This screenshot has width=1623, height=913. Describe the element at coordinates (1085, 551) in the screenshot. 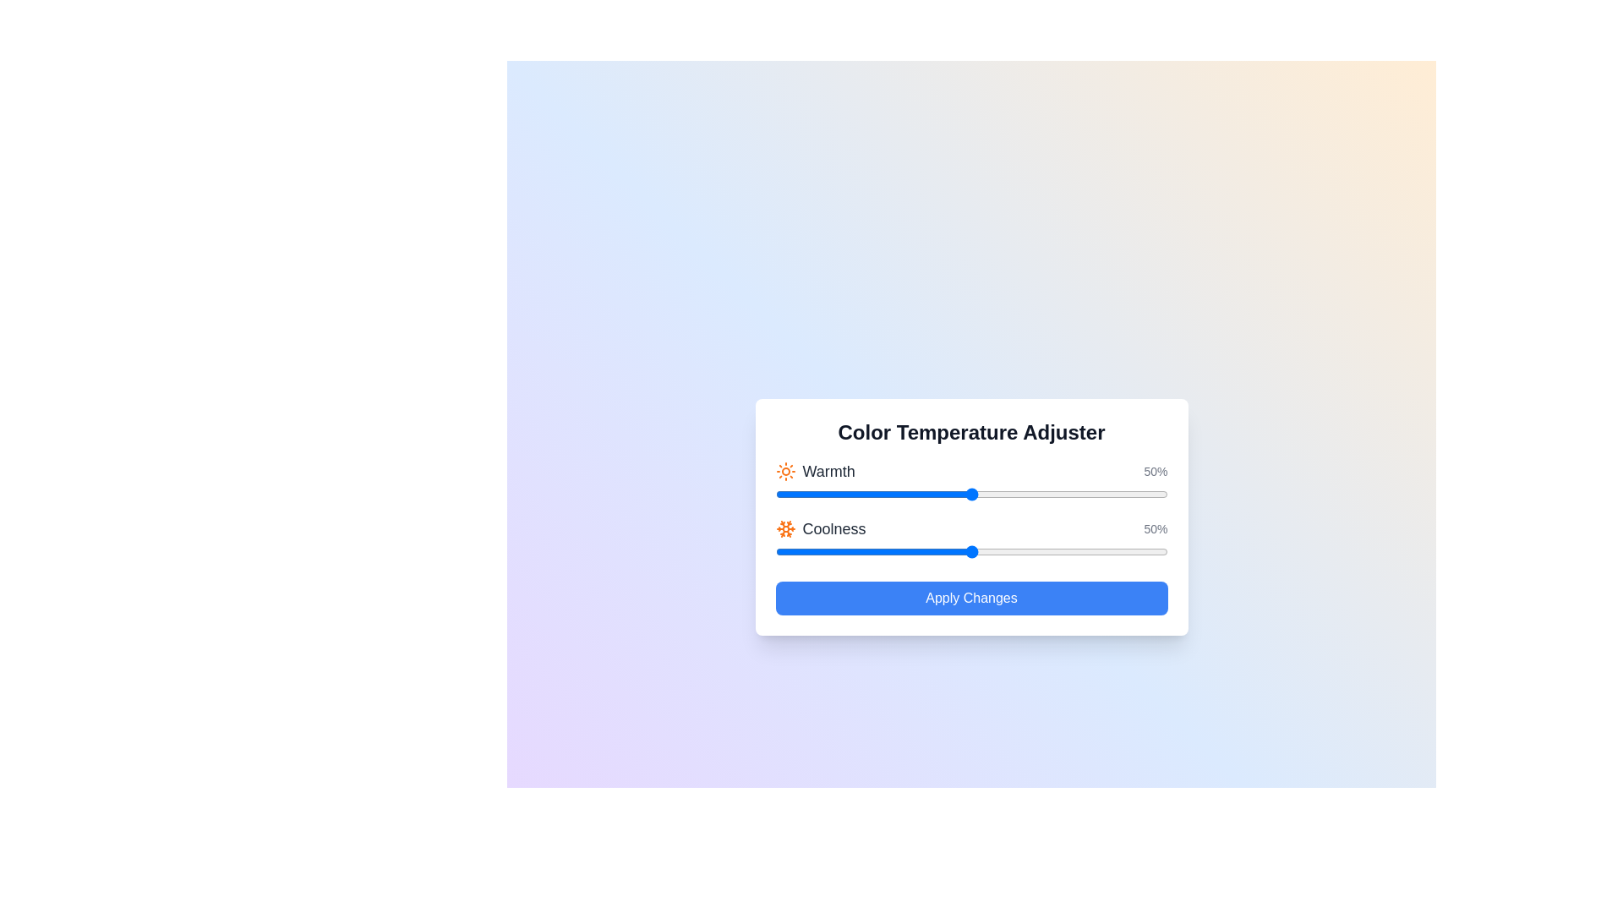

I see `the 'Coolness' slider to 79%` at that location.